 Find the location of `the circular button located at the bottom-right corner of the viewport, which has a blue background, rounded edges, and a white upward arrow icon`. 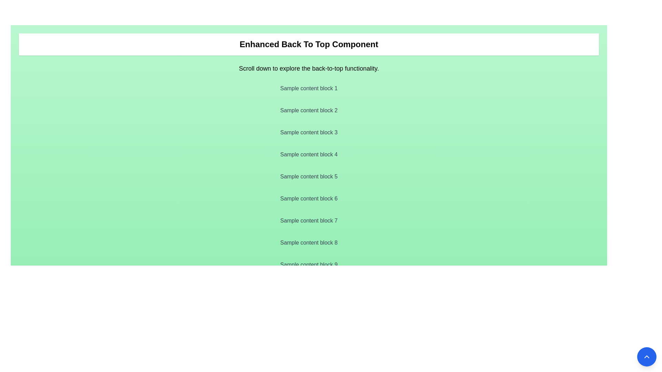

the circular button located at the bottom-right corner of the viewport, which has a blue background, rounded edges, and a white upward arrow icon is located at coordinates (646, 356).